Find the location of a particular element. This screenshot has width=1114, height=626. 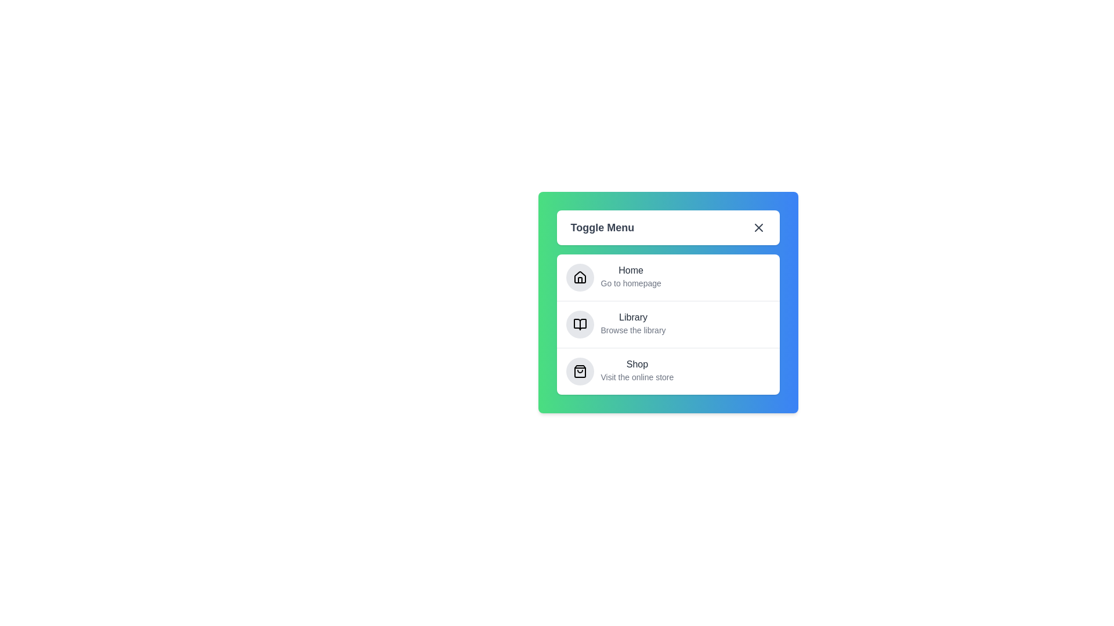

the menu item Home is located at coordinates (630, 270).